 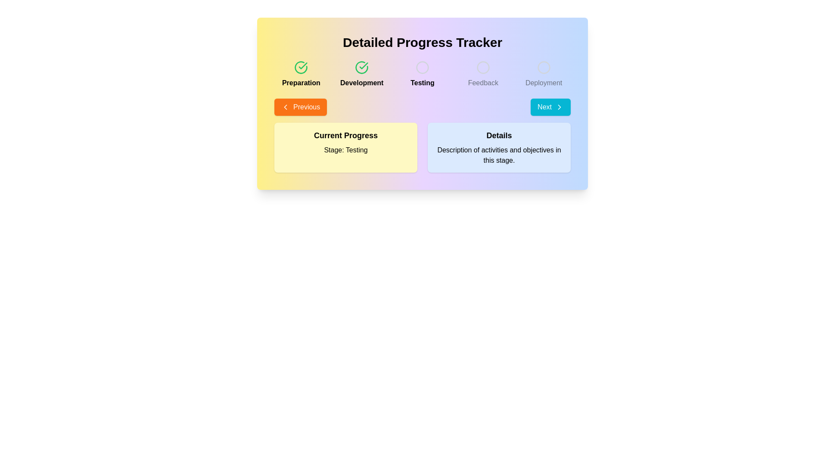 What do you see at coordinates (364, 65) in the screenshot?
I see `the green checkmark icon within the circular icon representing the 'Development' stage in the horizontal progress tracker at the top of the interface` at bounding box center [364, 65].